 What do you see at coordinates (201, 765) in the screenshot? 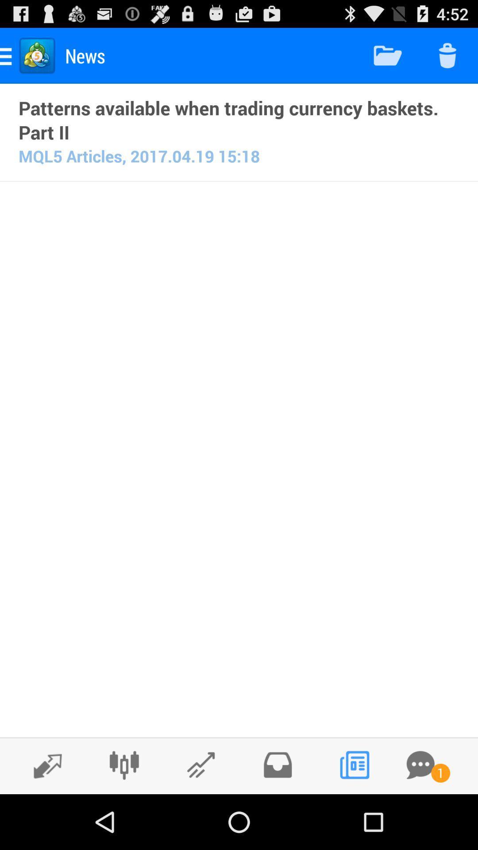
I see `stock market updates` at bounding box center [201, 765].